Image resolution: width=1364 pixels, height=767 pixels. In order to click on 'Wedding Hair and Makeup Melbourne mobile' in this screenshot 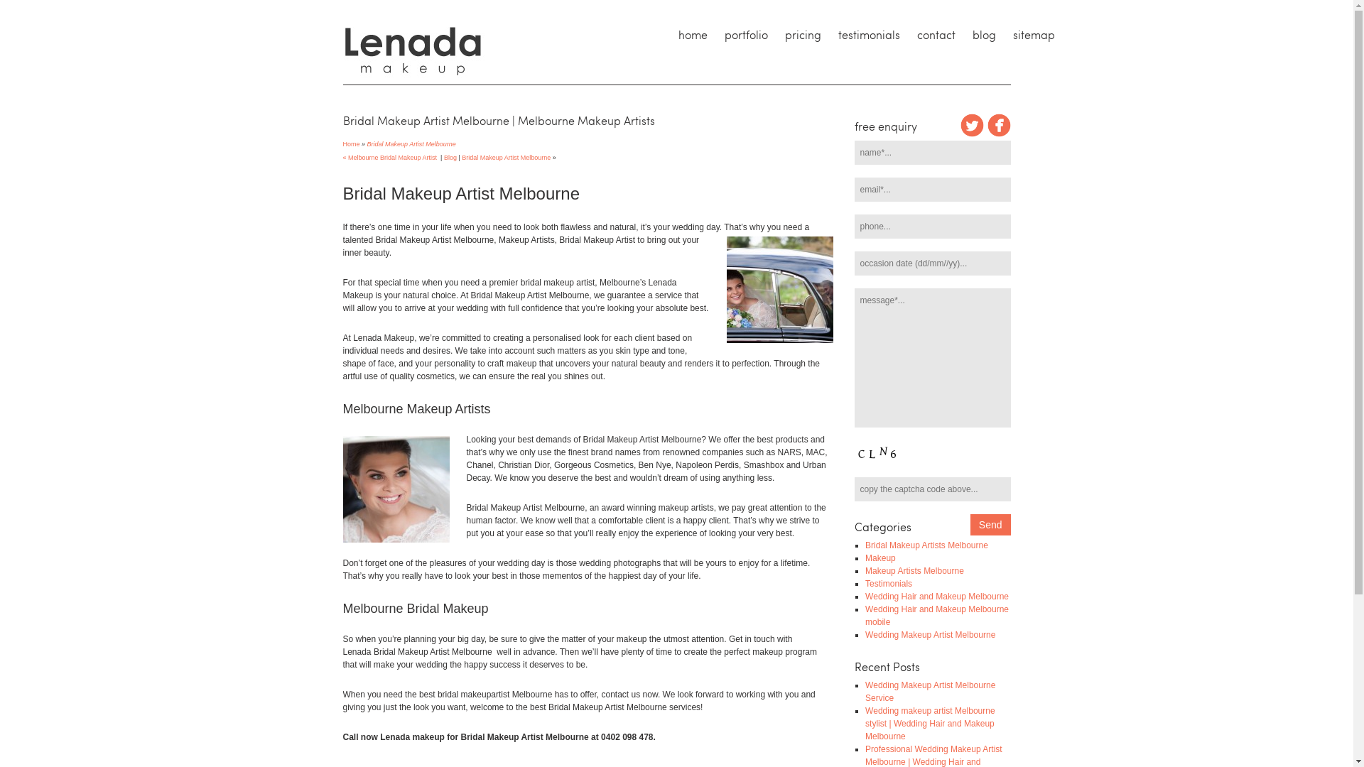, I will do `click(865, 615)`.